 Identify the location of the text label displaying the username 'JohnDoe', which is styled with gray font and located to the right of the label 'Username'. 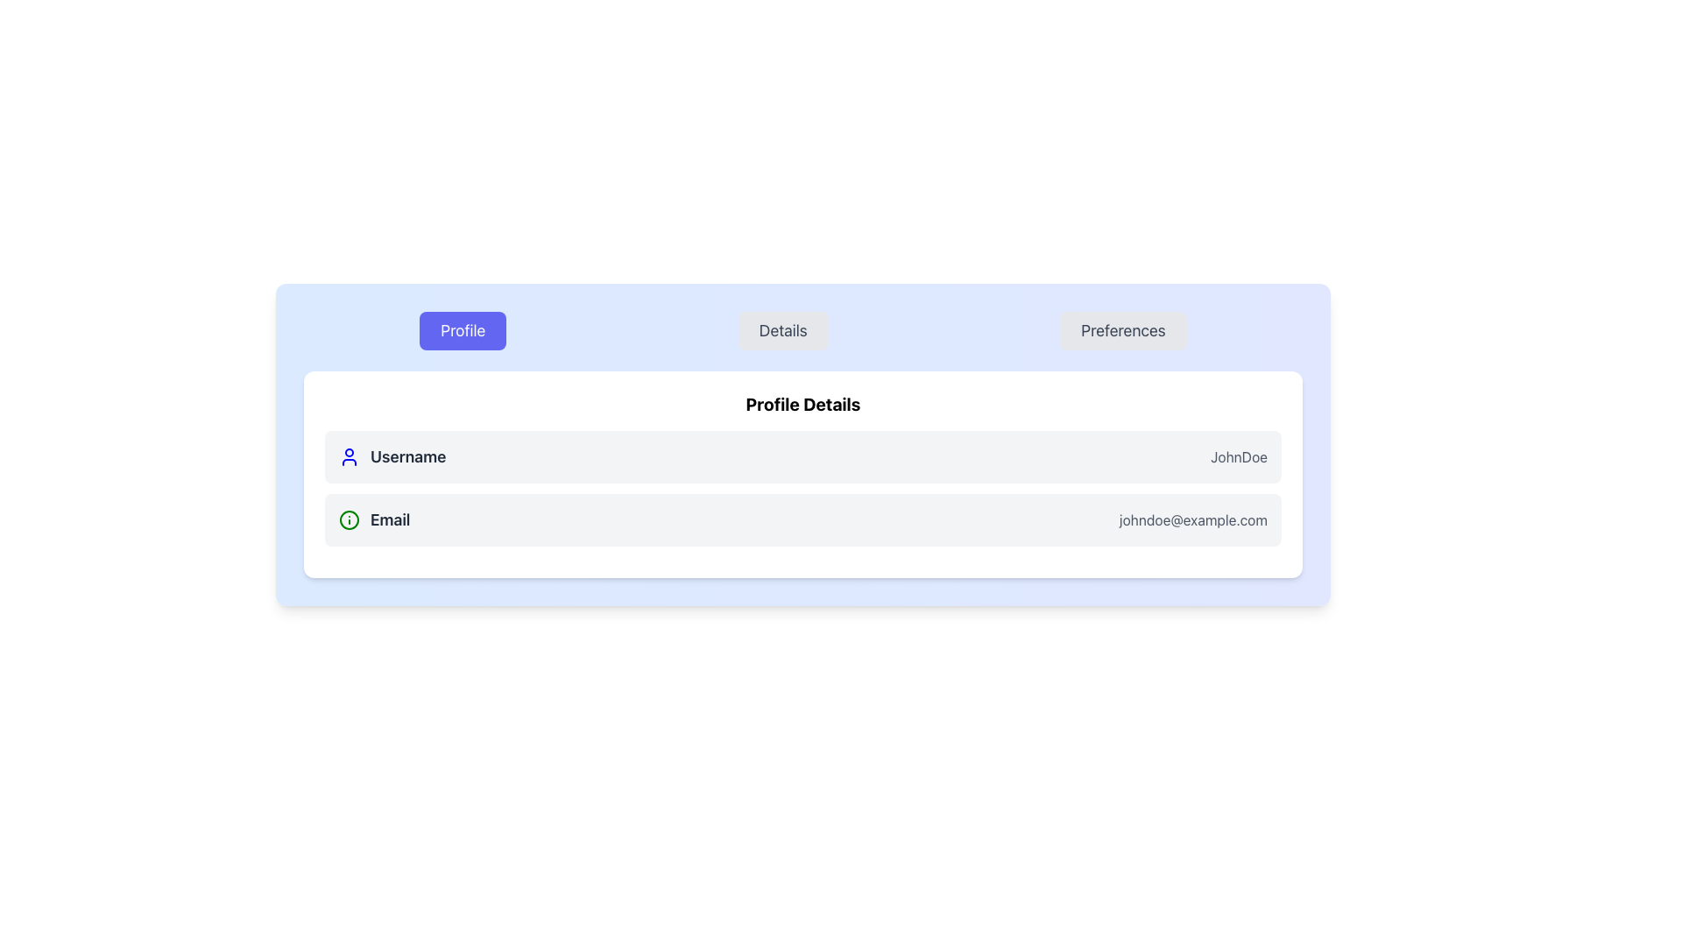
(1238, 455).